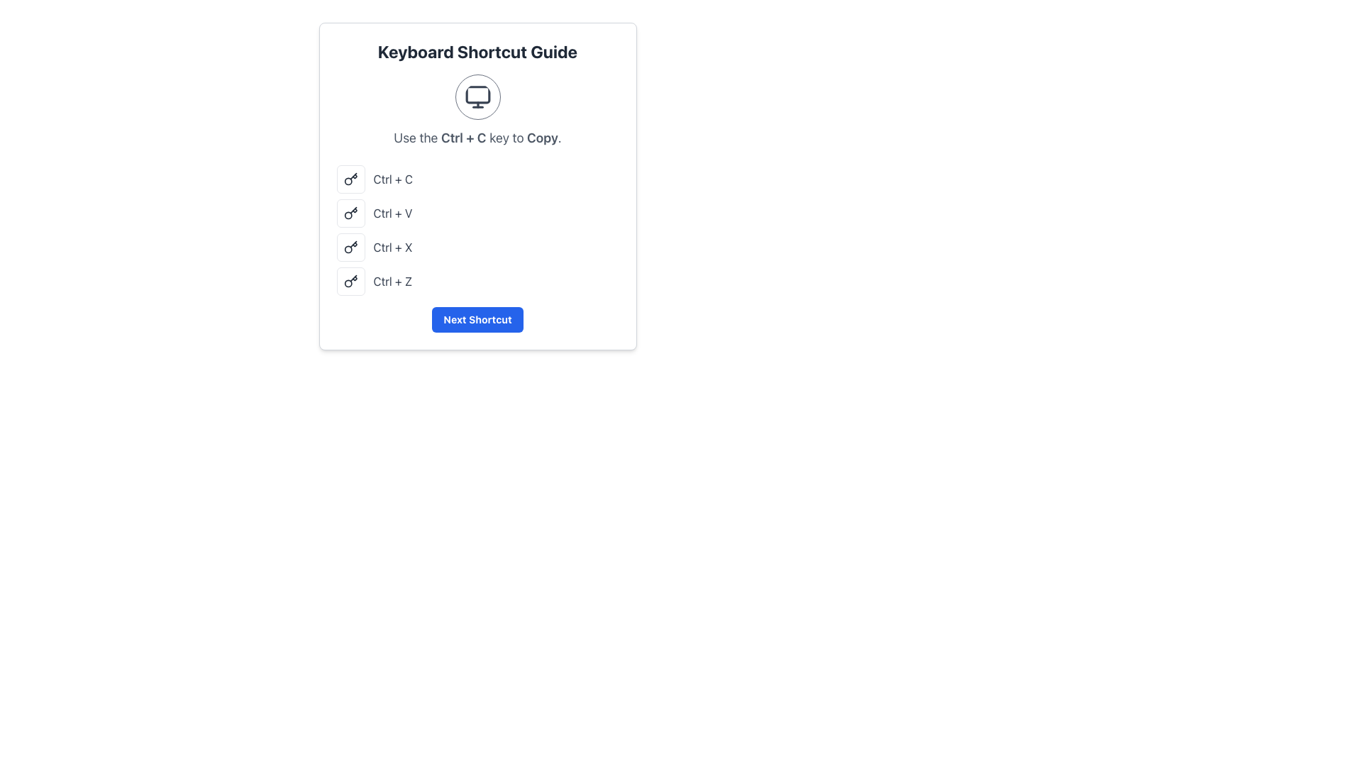  What do you see at coordinates (350, 213) in the screenshot?
I see `the small key icon, styled in grayscale, which is the second item in a vertical list within the 'Keyboard Shortcut Guide' dialog box` at bounding box center [350, 213].